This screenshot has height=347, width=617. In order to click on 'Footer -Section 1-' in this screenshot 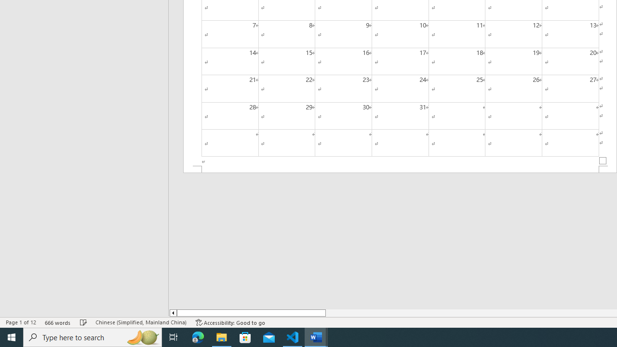, I will do `click(400, 169)`.